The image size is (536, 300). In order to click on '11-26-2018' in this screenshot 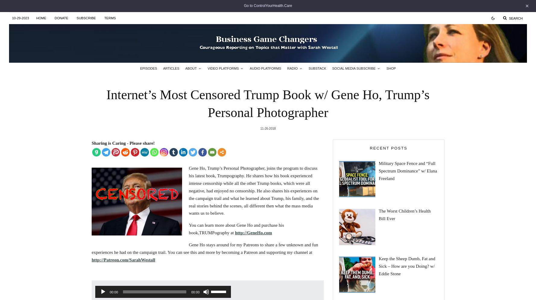, I will do `click(260, 128)`.